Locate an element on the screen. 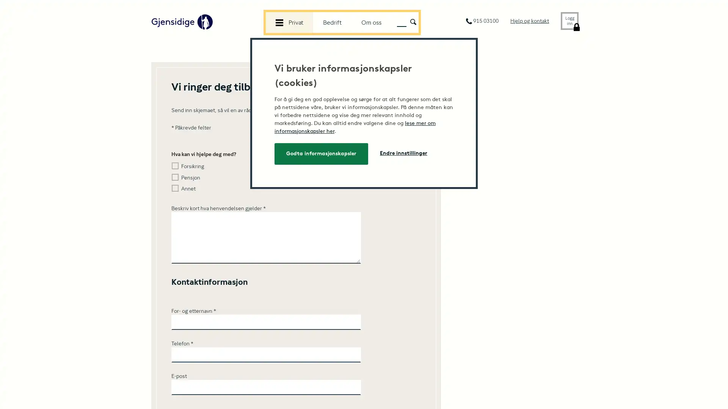  Godta informasjonskapsler is located at coordinates (321, 153).